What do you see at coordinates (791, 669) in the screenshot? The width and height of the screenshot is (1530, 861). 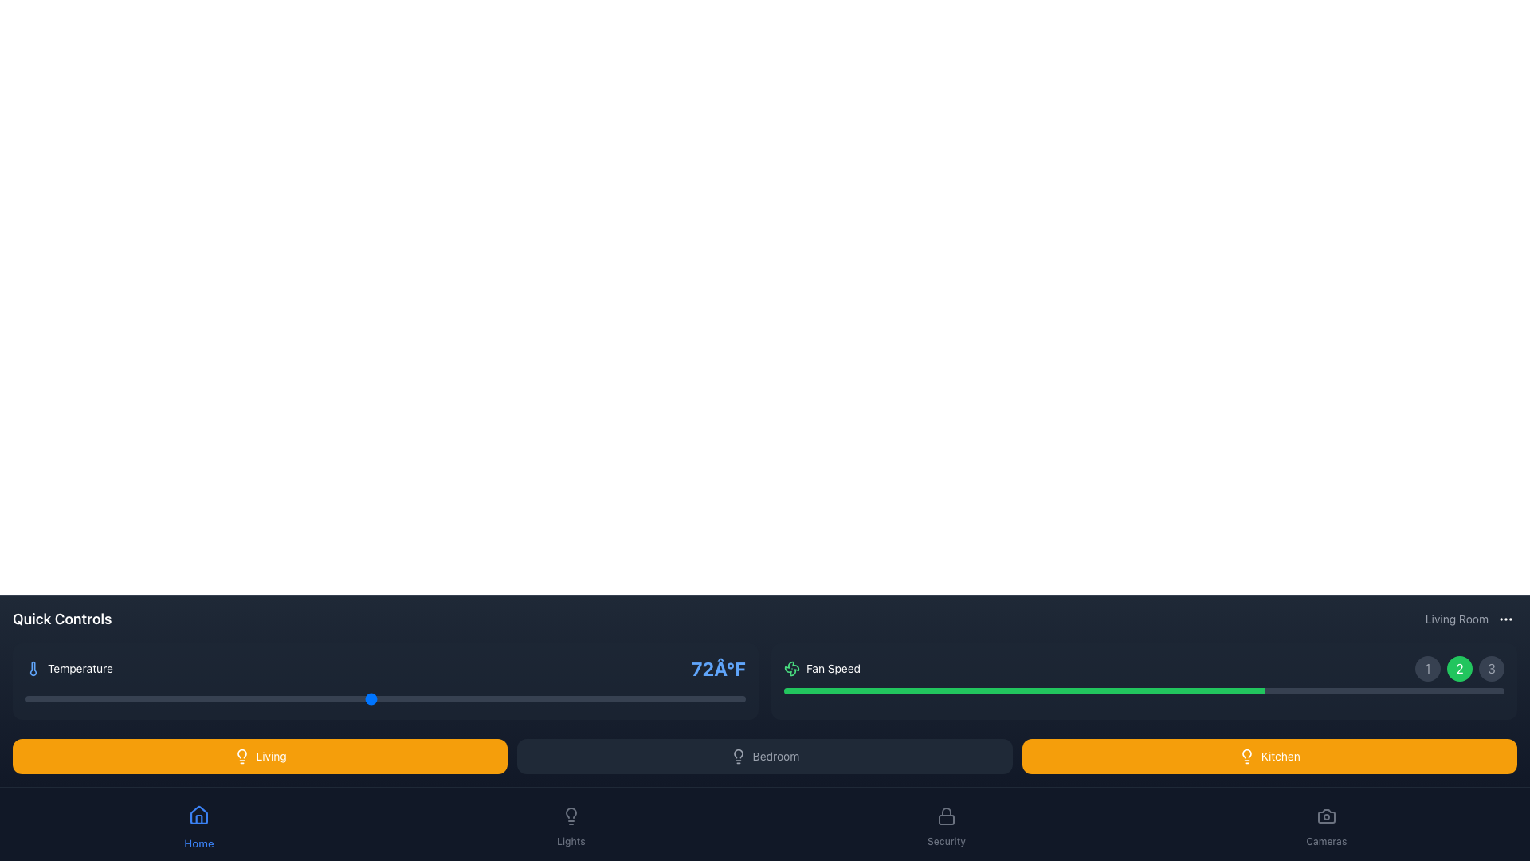 I see `the decorative fan icon with a green outline, located in the control section above the 'Fan Speed' label` at bounding box center [791, 669].